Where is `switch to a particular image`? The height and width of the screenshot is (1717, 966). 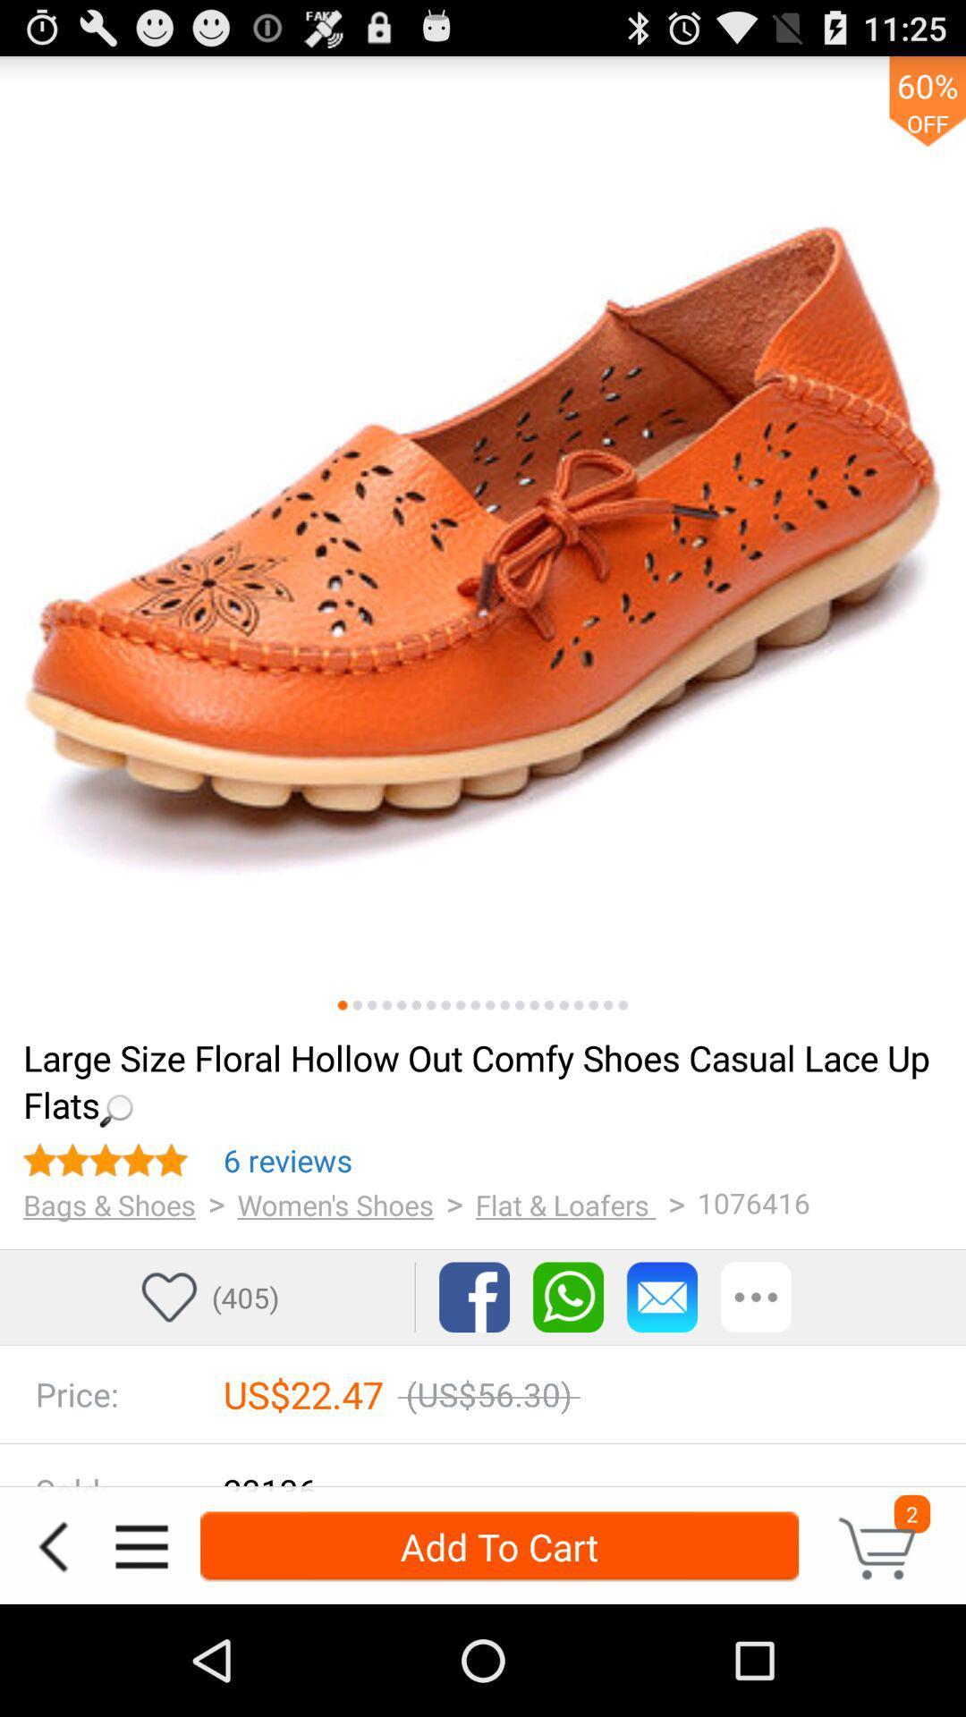 switch to a particular image is located at coordinates (593, 1005).